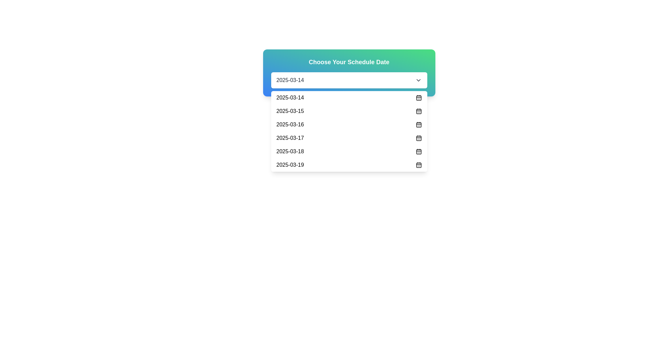  Describe the element at coordinates (418, 165) in the screenshot. I see `the calendar icon located to the immediate right of the text '2025-03-19' in the dropdown list` at that location.